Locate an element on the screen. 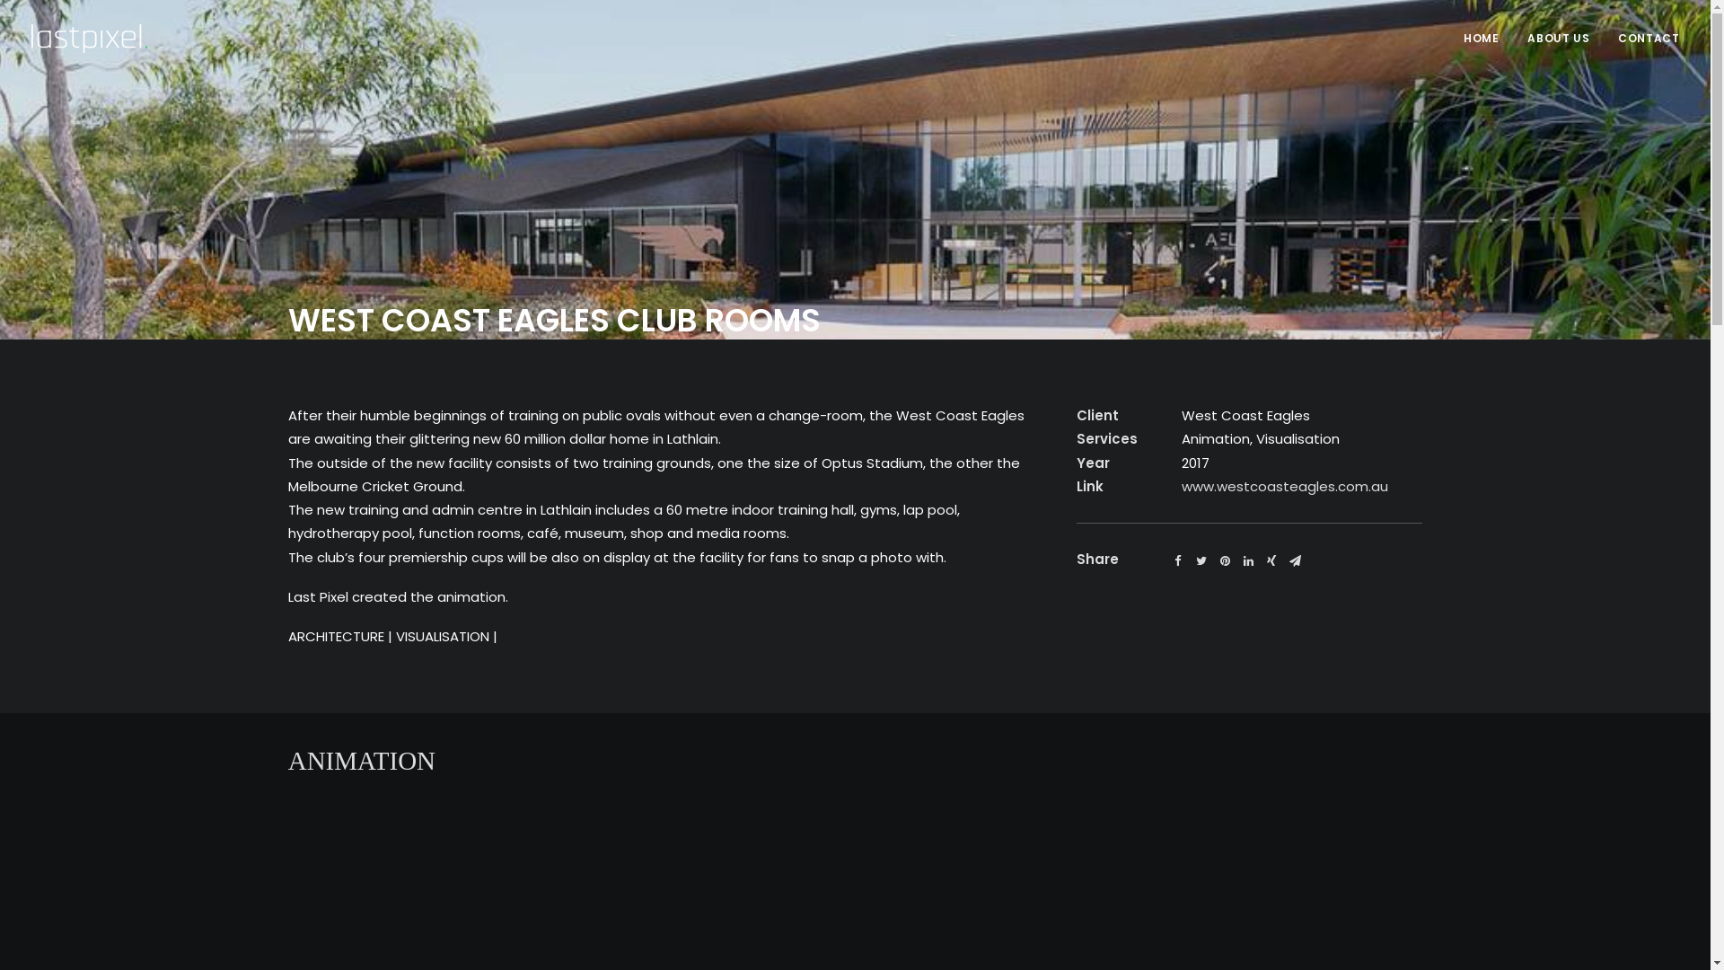 The image size is (1724, 970). 'www.westcoasteagles.com.au' is located at coordinates (1283, 486).